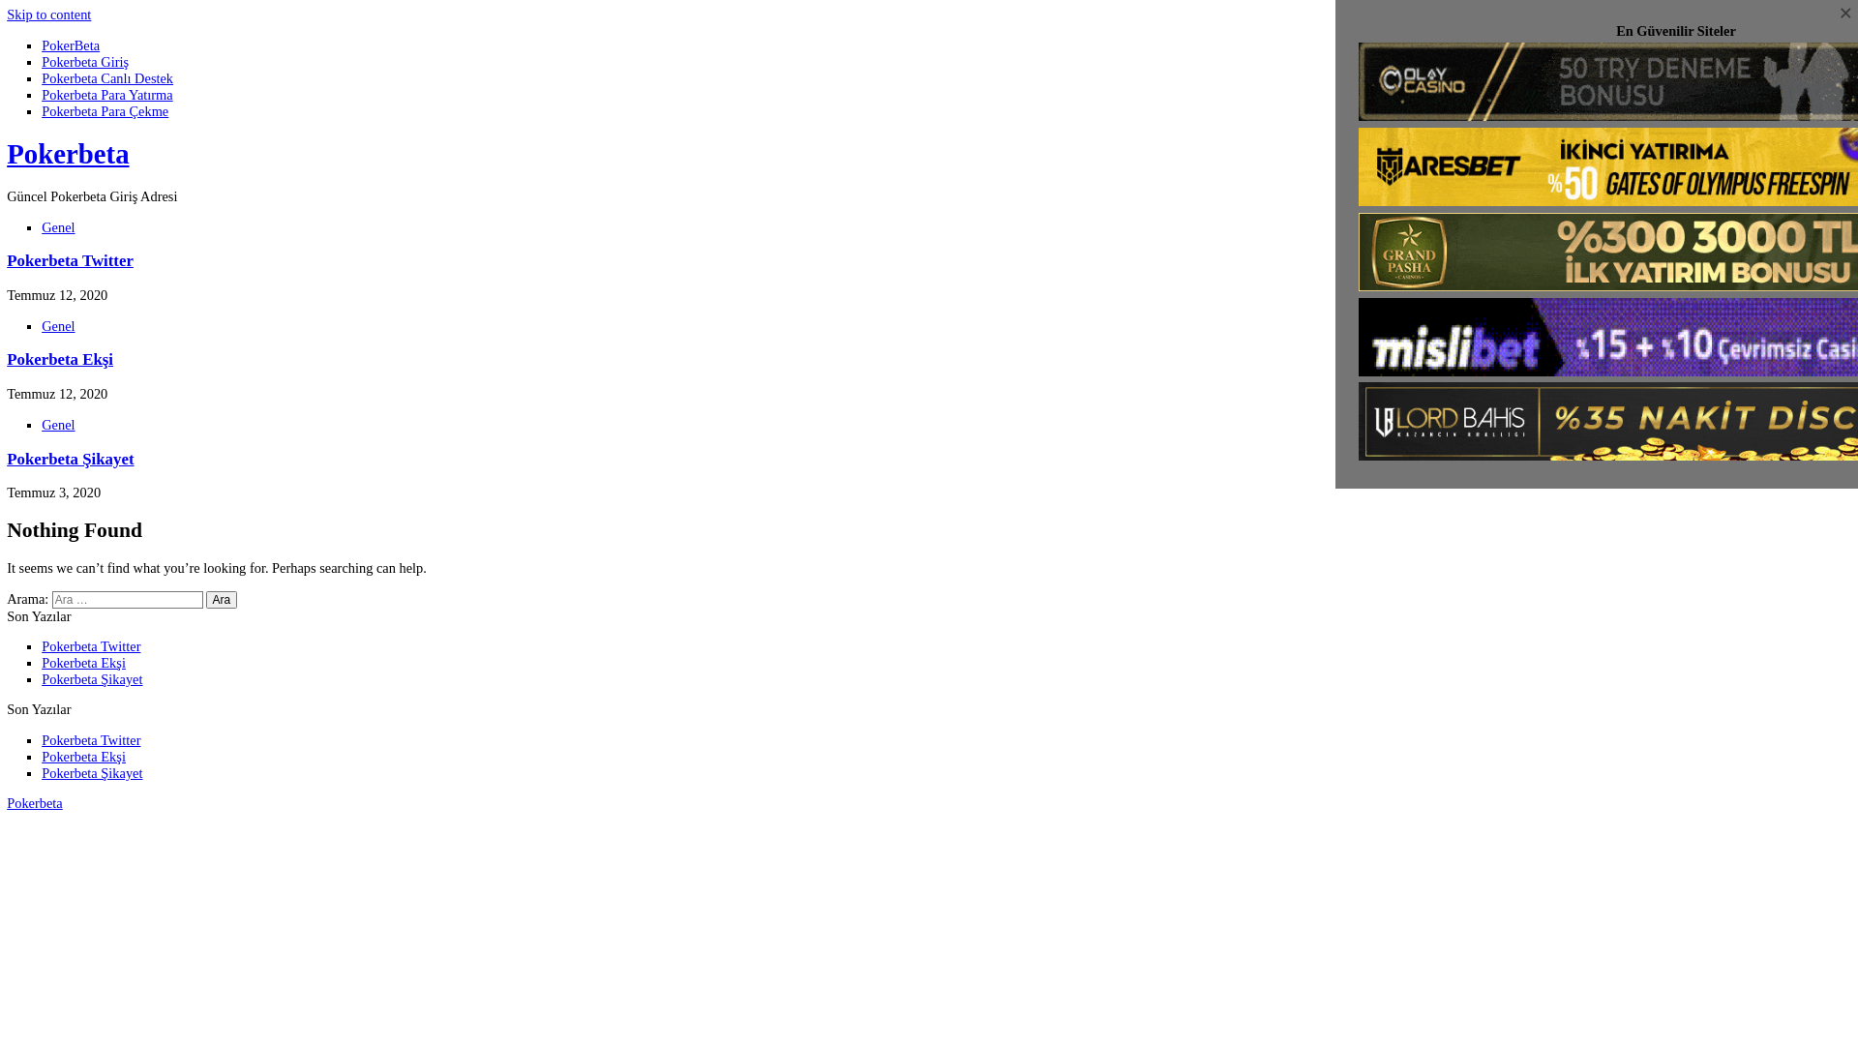 This screenshot has height=1045, width=1858. What do you see at coordinates (65, 252) in the screenshot?
I see `'Genel'` at bounding box center [65, 252].